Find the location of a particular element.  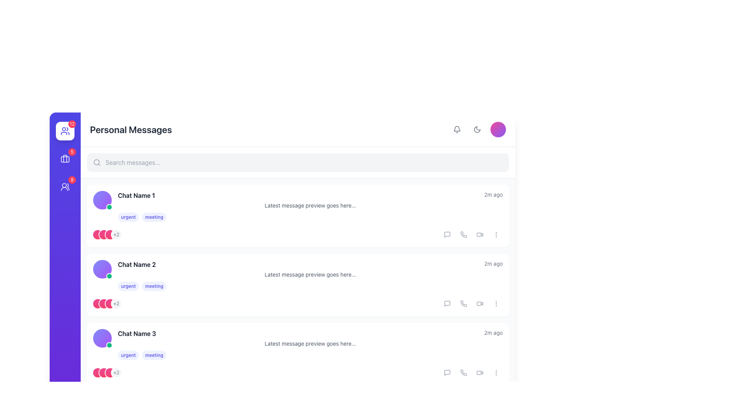

the text label providing a preview of the most recent message in the third chat entry below the header 'Chat Name 3' and above the labels 'urgent' and 'meeting' is located at coordinates (310, 343).